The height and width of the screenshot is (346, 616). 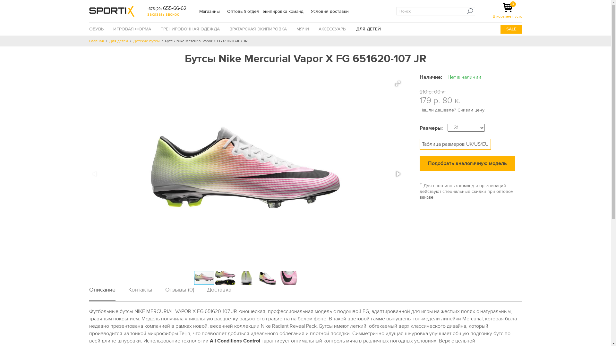 What do you see at coordinates (166, 8) in the screenshot?
I see `'+375 (29) 655-66-62'` at bounding box center [166, 8].